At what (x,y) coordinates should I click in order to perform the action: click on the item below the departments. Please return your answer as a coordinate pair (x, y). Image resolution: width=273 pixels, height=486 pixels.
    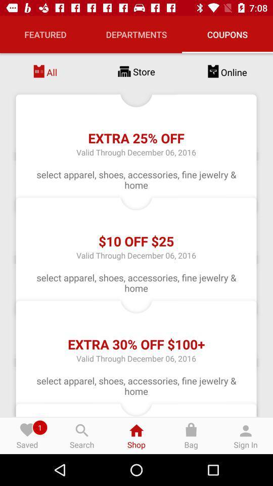
    Looking at the image, I should click on (136, 71).